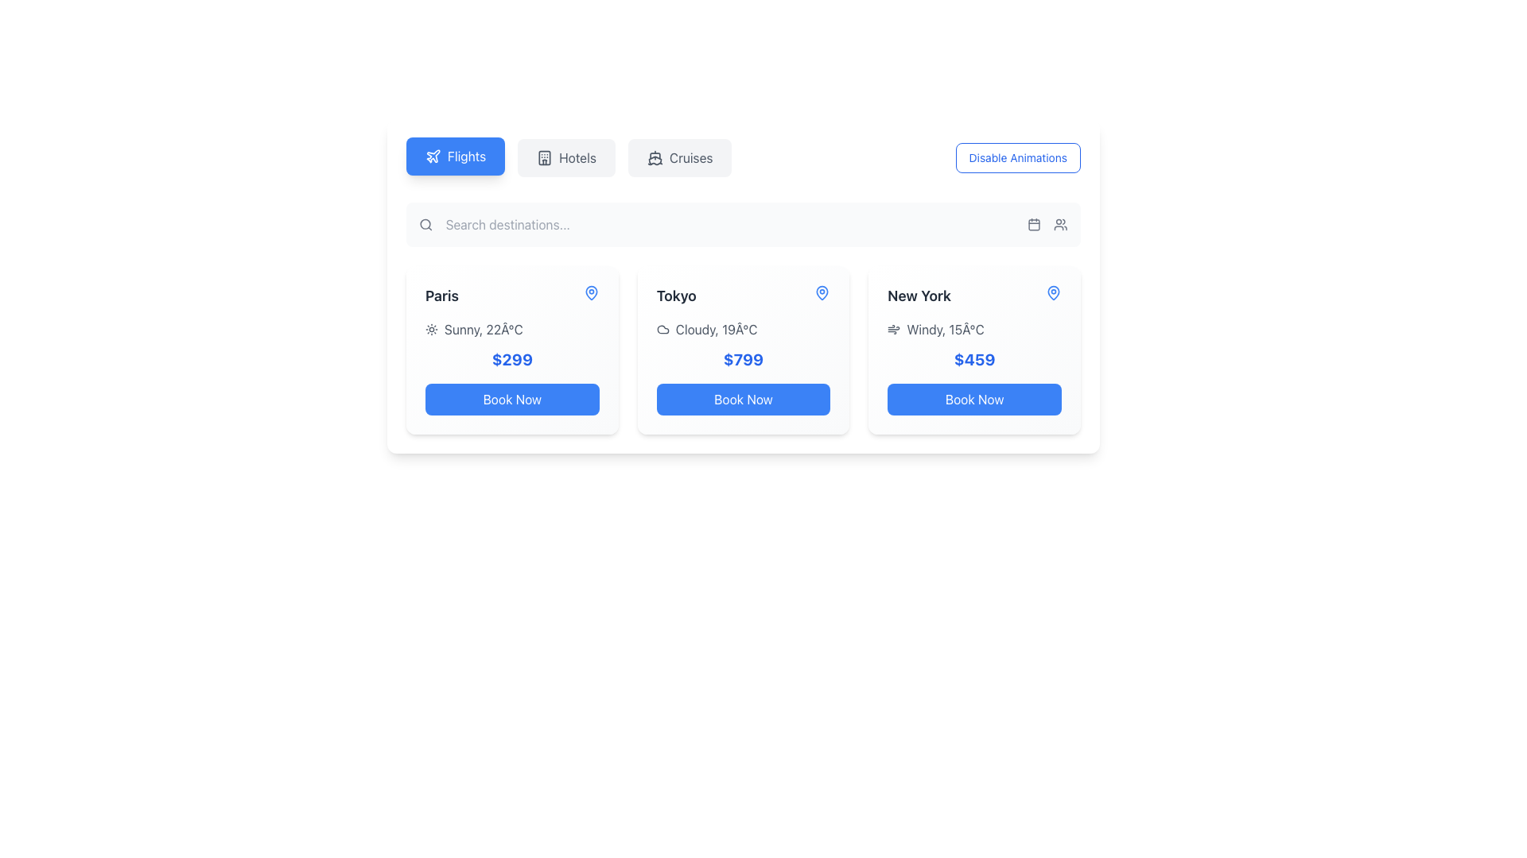 The width and height of the screenshot is (1527, 858). Describe the element at coordinates (973, 329) in the screenshot. I see `the Text label with an icon that displays the current weather condition and temperature for 'New York', positioned second from the top in the card's information hierarchy, directly above the price display ('$459')` at that location.